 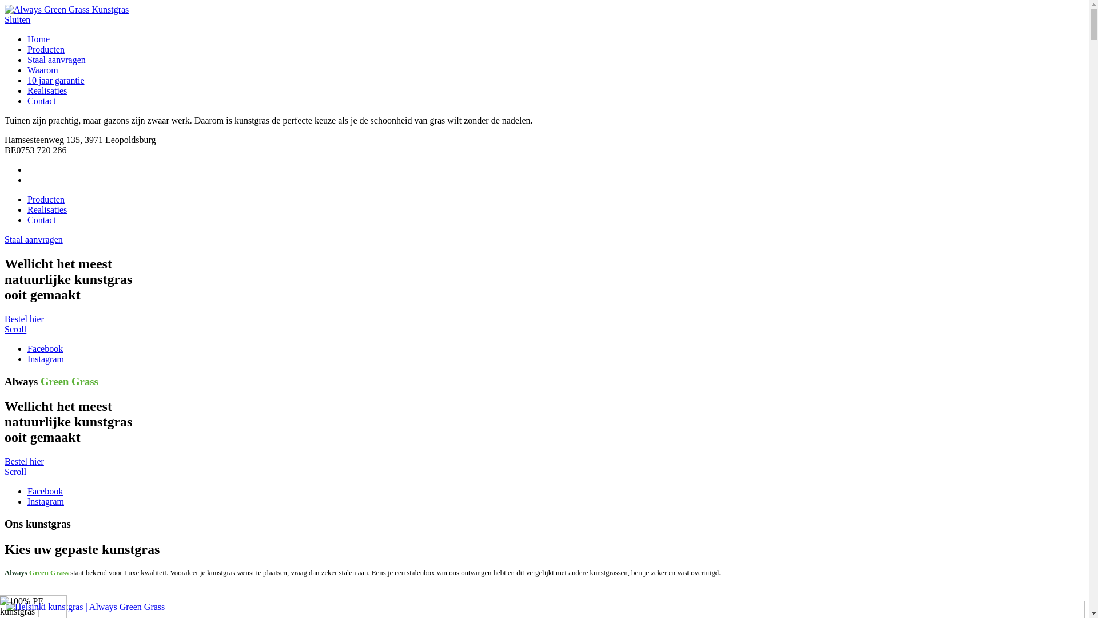 What do you see at coordinates (55, 80) in the screenshot?
I see `'10 jaar garantie'` at bounding box center [55, 80].